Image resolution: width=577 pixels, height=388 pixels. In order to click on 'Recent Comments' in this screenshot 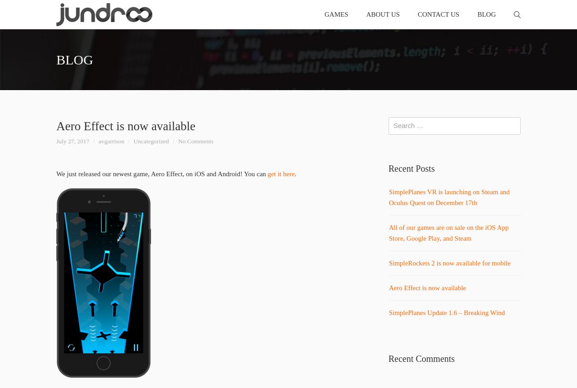, I will do `click(421, 358)`.